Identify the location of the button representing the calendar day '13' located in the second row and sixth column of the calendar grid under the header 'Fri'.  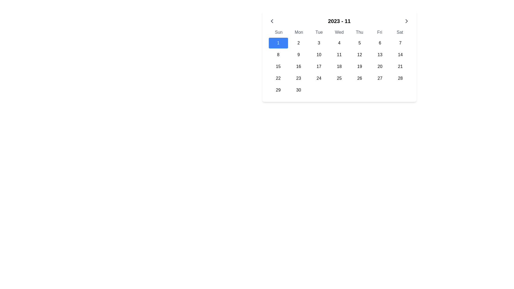
(380, 55).